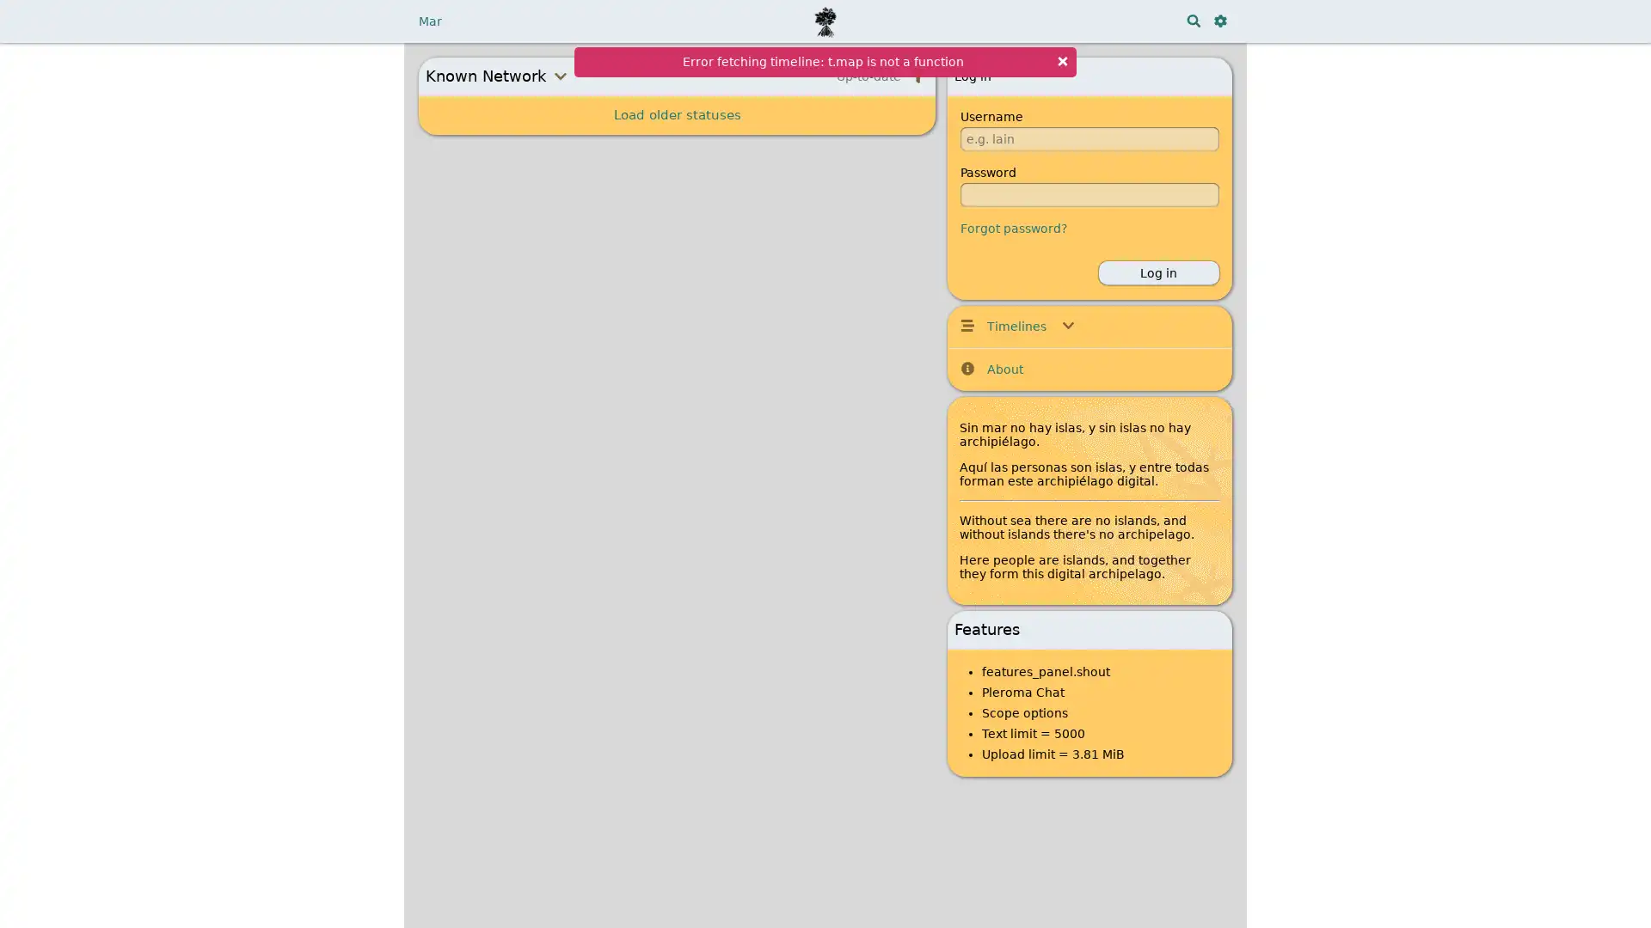 The width and height of the screenshot is (1651, 928). I want to click on Known Network, so click(569, 75).